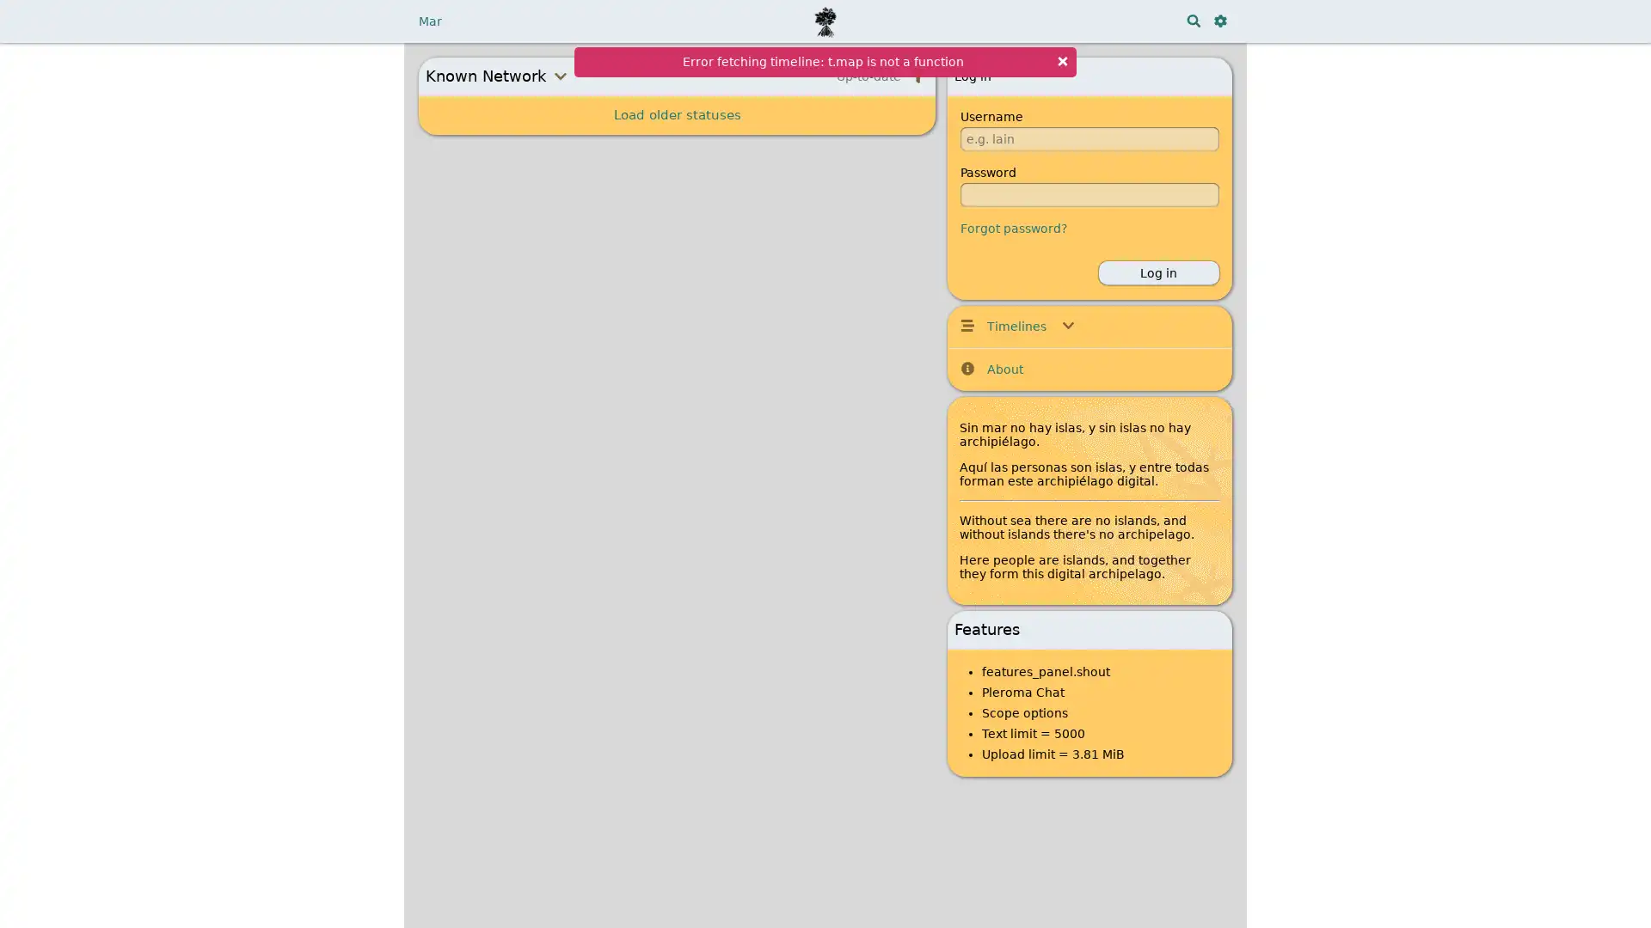 The width and height of the screenshot is (1651, 928). I want to click on Known Network, so click(569, 75).